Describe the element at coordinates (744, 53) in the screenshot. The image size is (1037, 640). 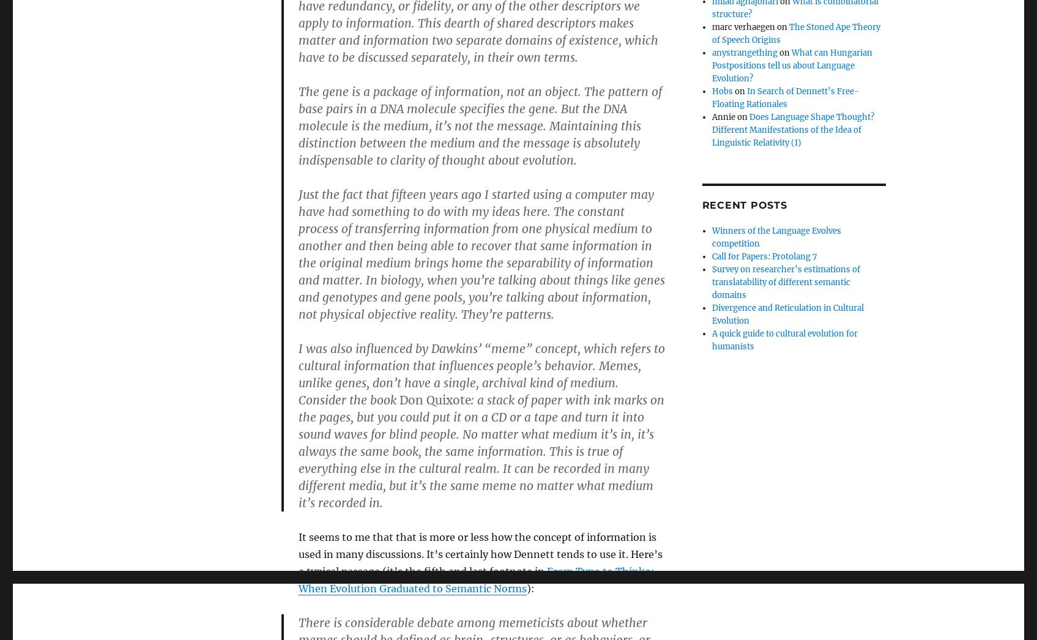
I see `'anystrangething'` at that location.